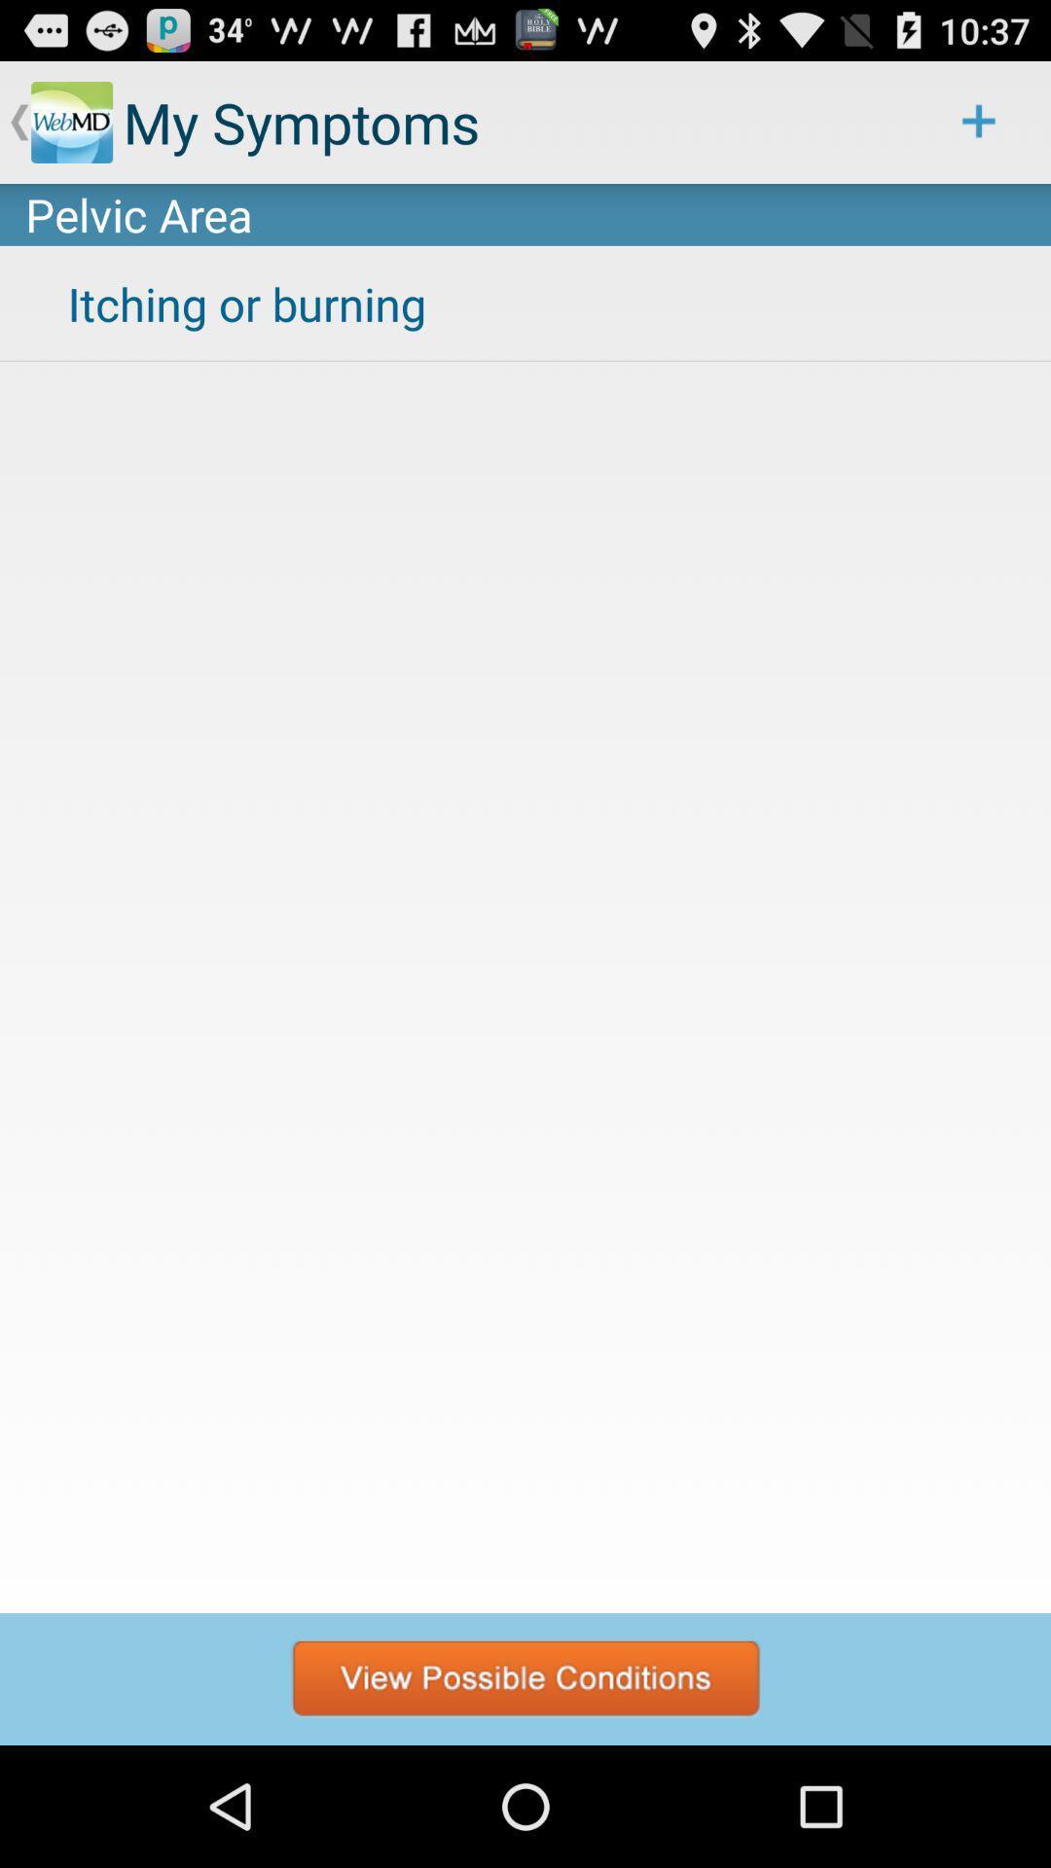 The image size is (1051, 1868). Describe the element at coordinates (525, 1678) in the screenshot. I see `possible conditions search` at that location.